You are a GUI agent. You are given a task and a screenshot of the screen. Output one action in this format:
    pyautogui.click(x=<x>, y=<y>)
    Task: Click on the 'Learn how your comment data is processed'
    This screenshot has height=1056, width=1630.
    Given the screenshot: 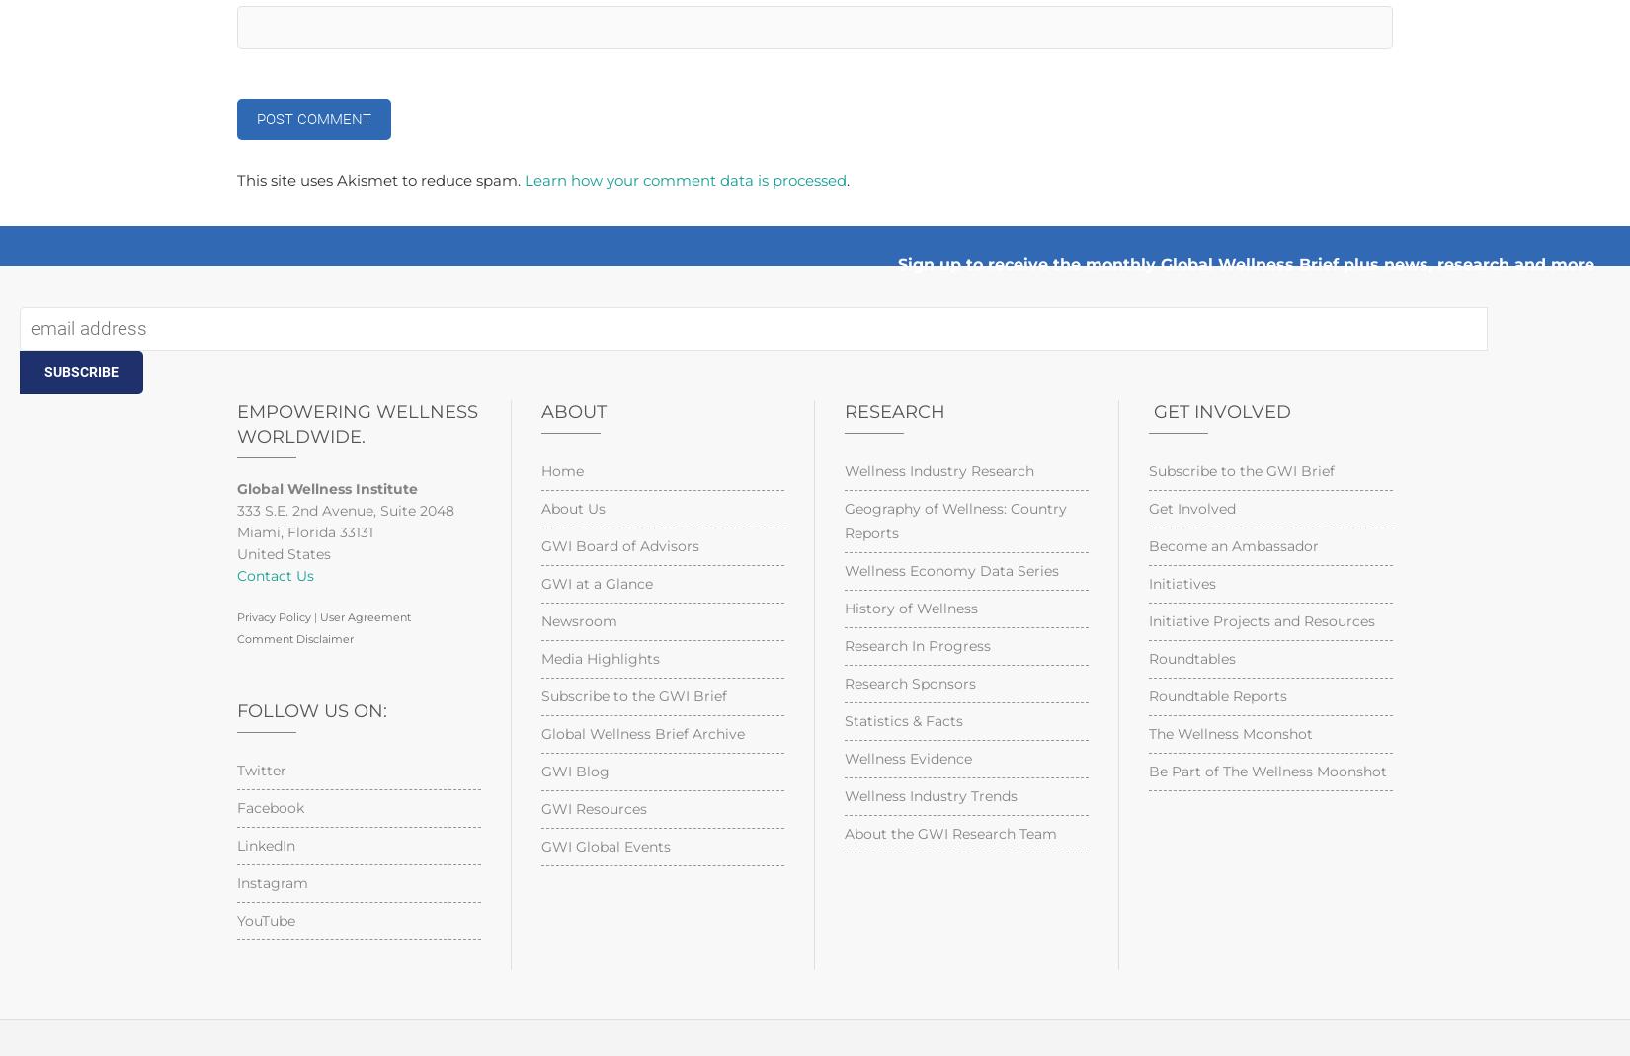 What is the action you would take?
    pyautogui.click(x=523, y=180)
    